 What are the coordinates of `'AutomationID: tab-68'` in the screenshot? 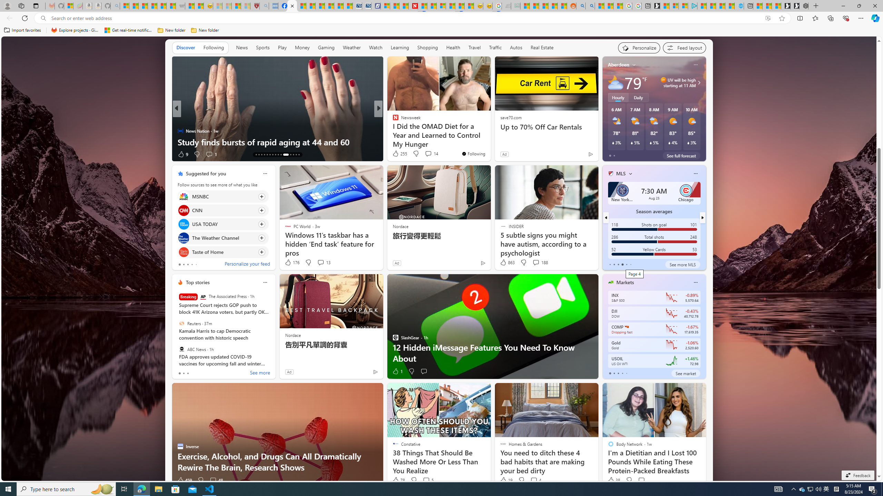 It's located at (261, 154).